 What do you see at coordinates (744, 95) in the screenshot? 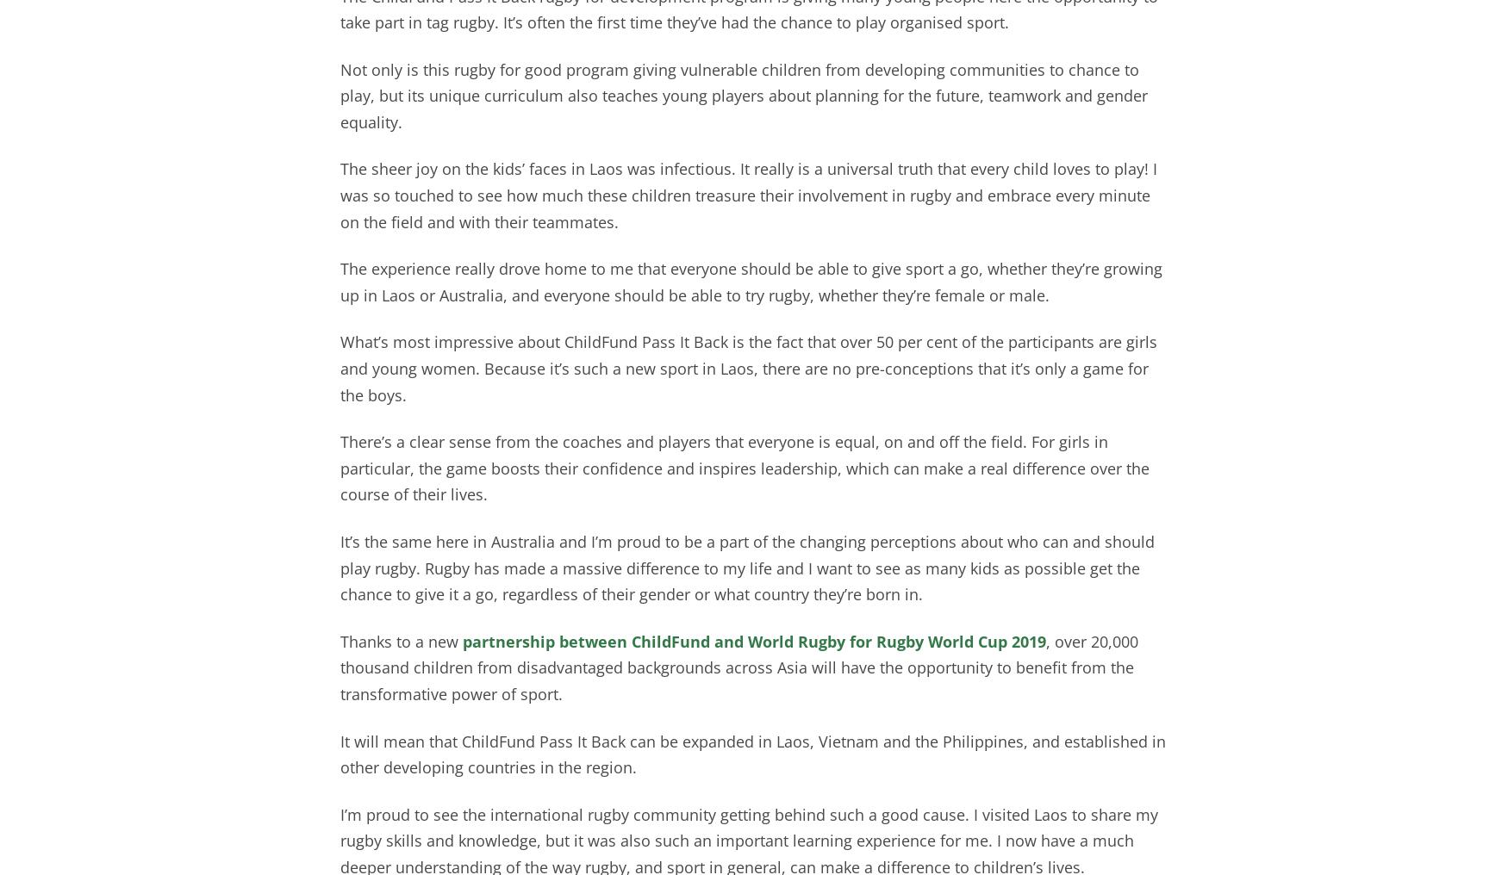
I see `'Not only is this rugby for good program giving vulnerable children from developing communities to chance to play, but its unique curriculum also teaches young players about planning for the future, teamwork and gender equality.'` at bounding box center [744, 95].